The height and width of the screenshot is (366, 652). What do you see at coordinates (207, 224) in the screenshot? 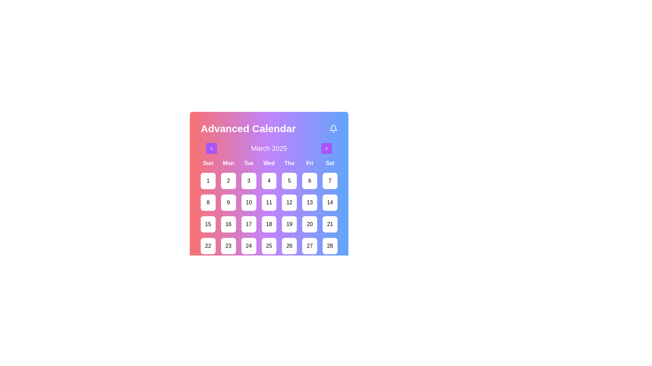
I see `the calendar date item displaying '15', which is a square-shaped element with rounded corners and a bold black font` at bounding box center [207, 224].